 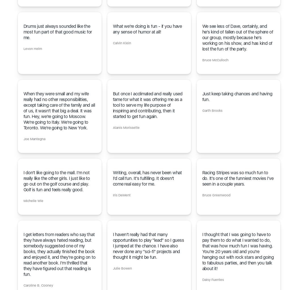 What do you see at coordinates (32, 49) in the screenshot?
I see `'Levon Helm'` at bounding box center [32, 49].